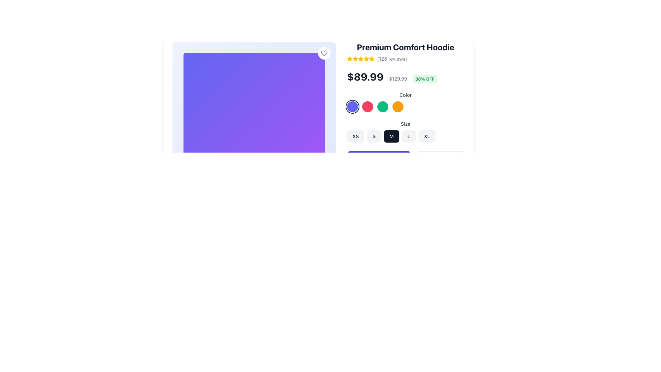  I want to click on the third gold star icon in the product rating section, which is located between the second and fourth stars, used for user feedback, so click(355, 58).